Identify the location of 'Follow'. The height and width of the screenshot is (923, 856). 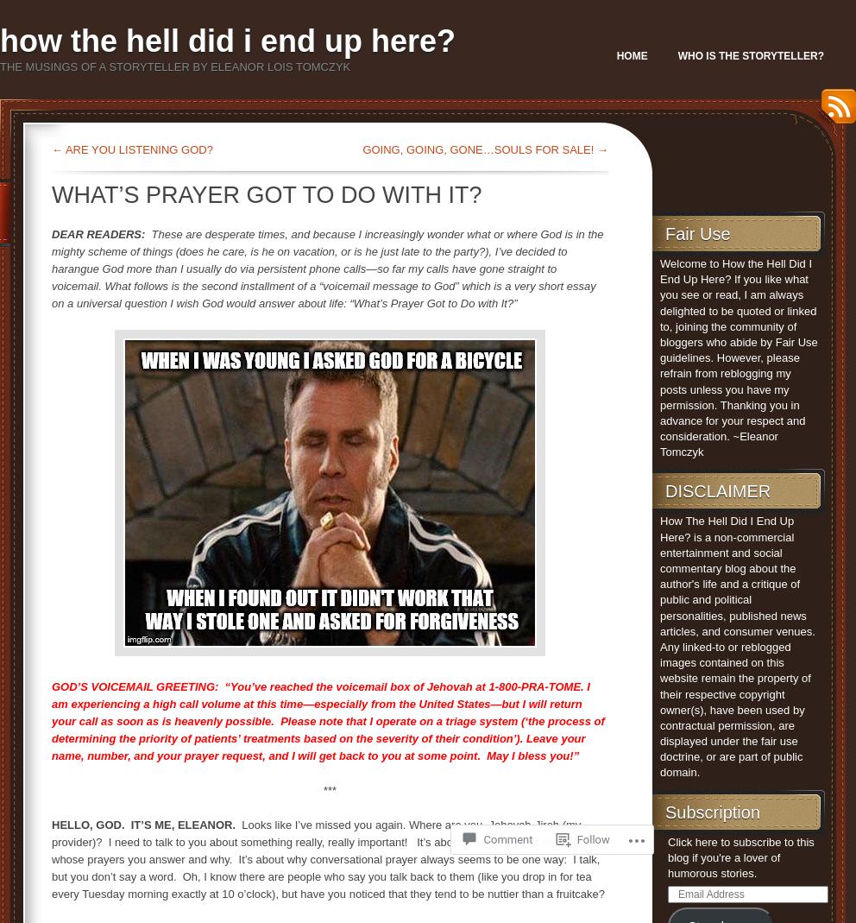
(591, 839).